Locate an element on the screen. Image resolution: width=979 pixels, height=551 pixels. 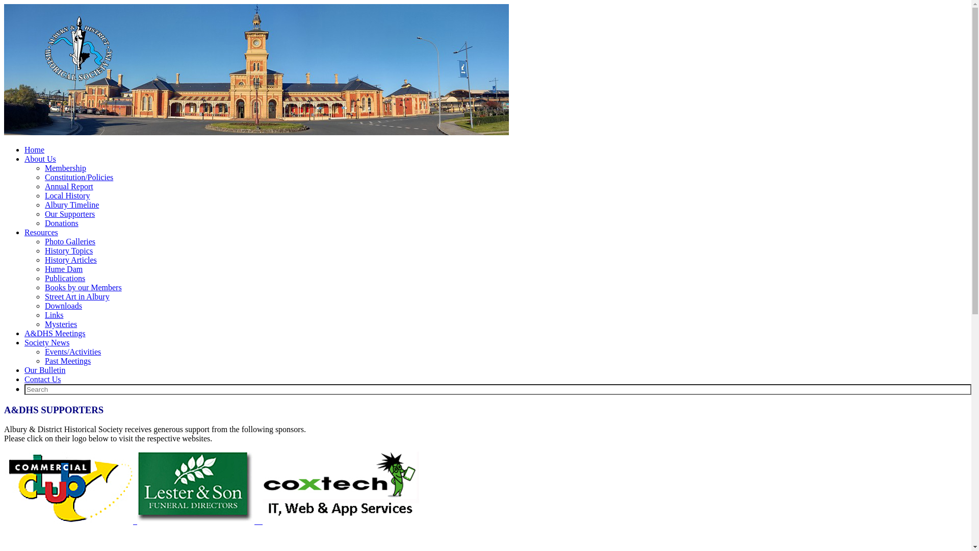
'Donations' is located at coordinates (61, 222).